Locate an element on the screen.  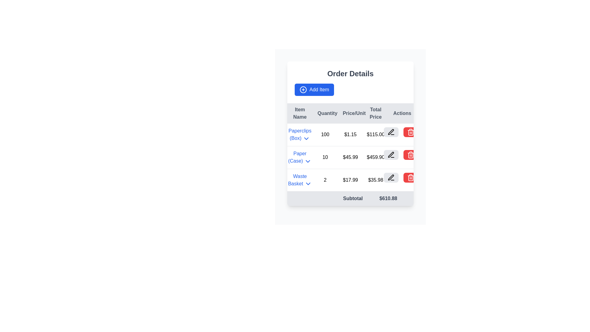
the third row in the 'Order Details' section of the table is located at coordinates (350, 180).